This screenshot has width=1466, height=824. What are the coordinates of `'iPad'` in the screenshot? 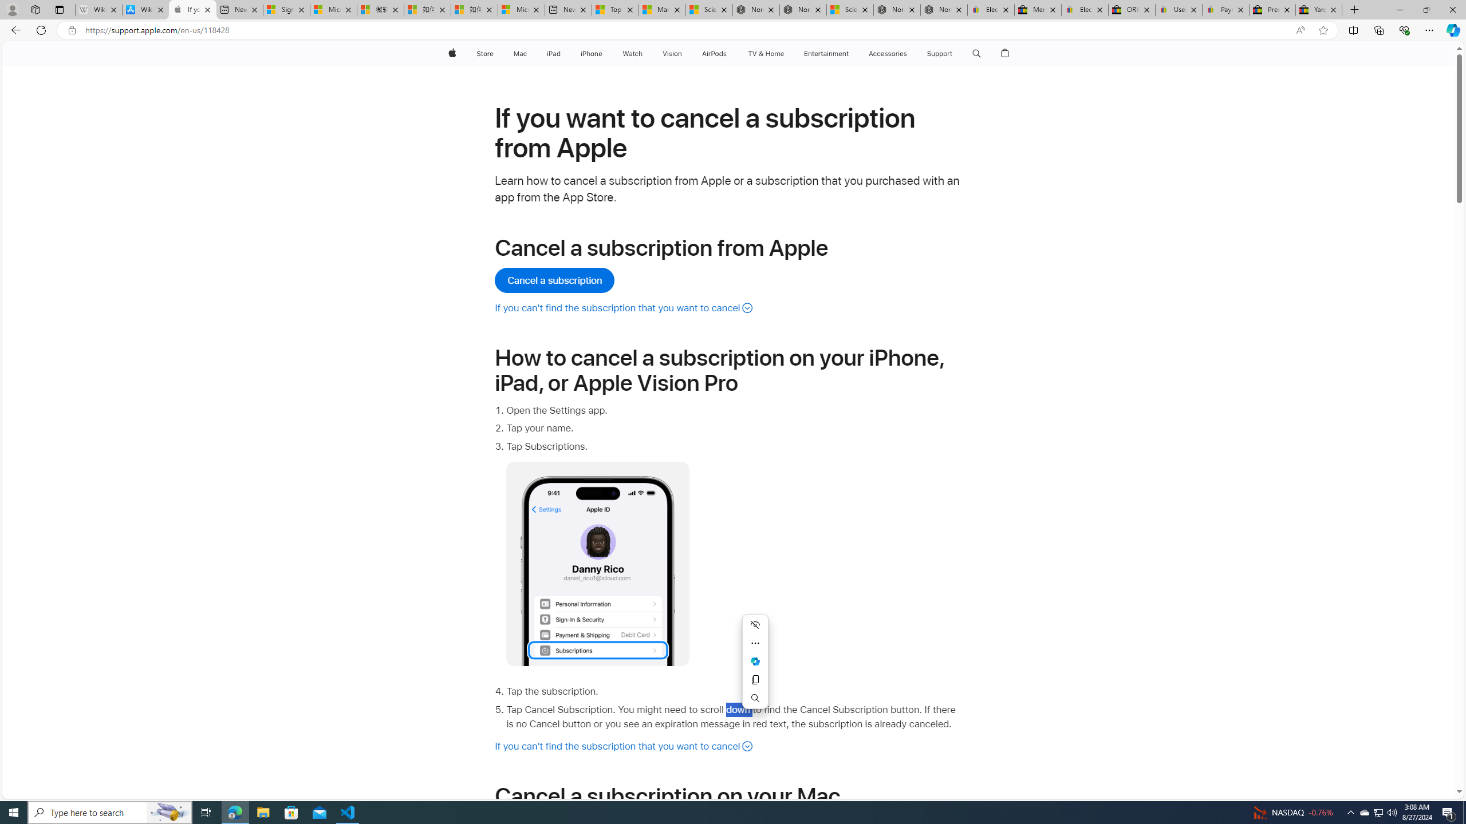 It's located at (553, 53).